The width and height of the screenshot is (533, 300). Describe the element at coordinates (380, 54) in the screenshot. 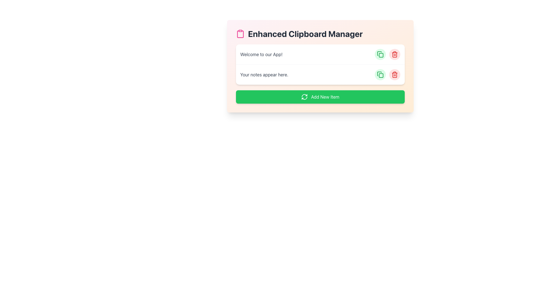

I see `the first green circular icon on the right side of the content row to copy the associated content` at that location.